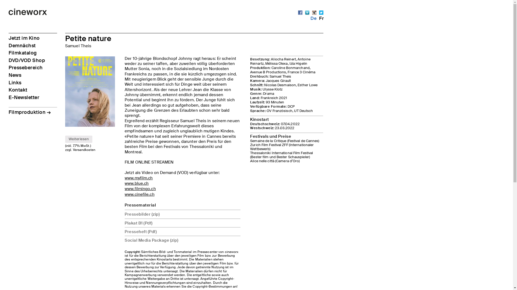  Describe the element at coordinates (65, 139) in the screenshot. I see `'Weiterlesen'` at that location.